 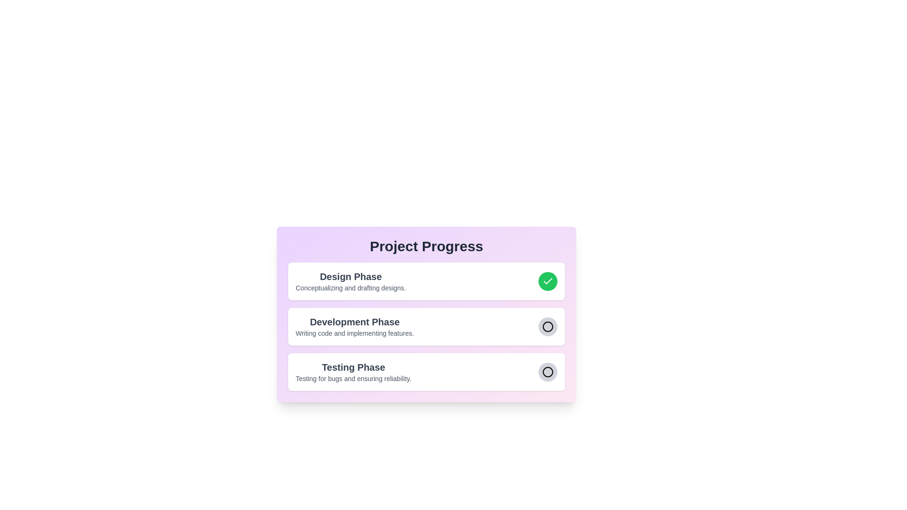 I want to click on the circular Toggle or state indicator icon located on the far-right side of the 'Testing Phase' section to modify its state, so click(x=544, y=371).